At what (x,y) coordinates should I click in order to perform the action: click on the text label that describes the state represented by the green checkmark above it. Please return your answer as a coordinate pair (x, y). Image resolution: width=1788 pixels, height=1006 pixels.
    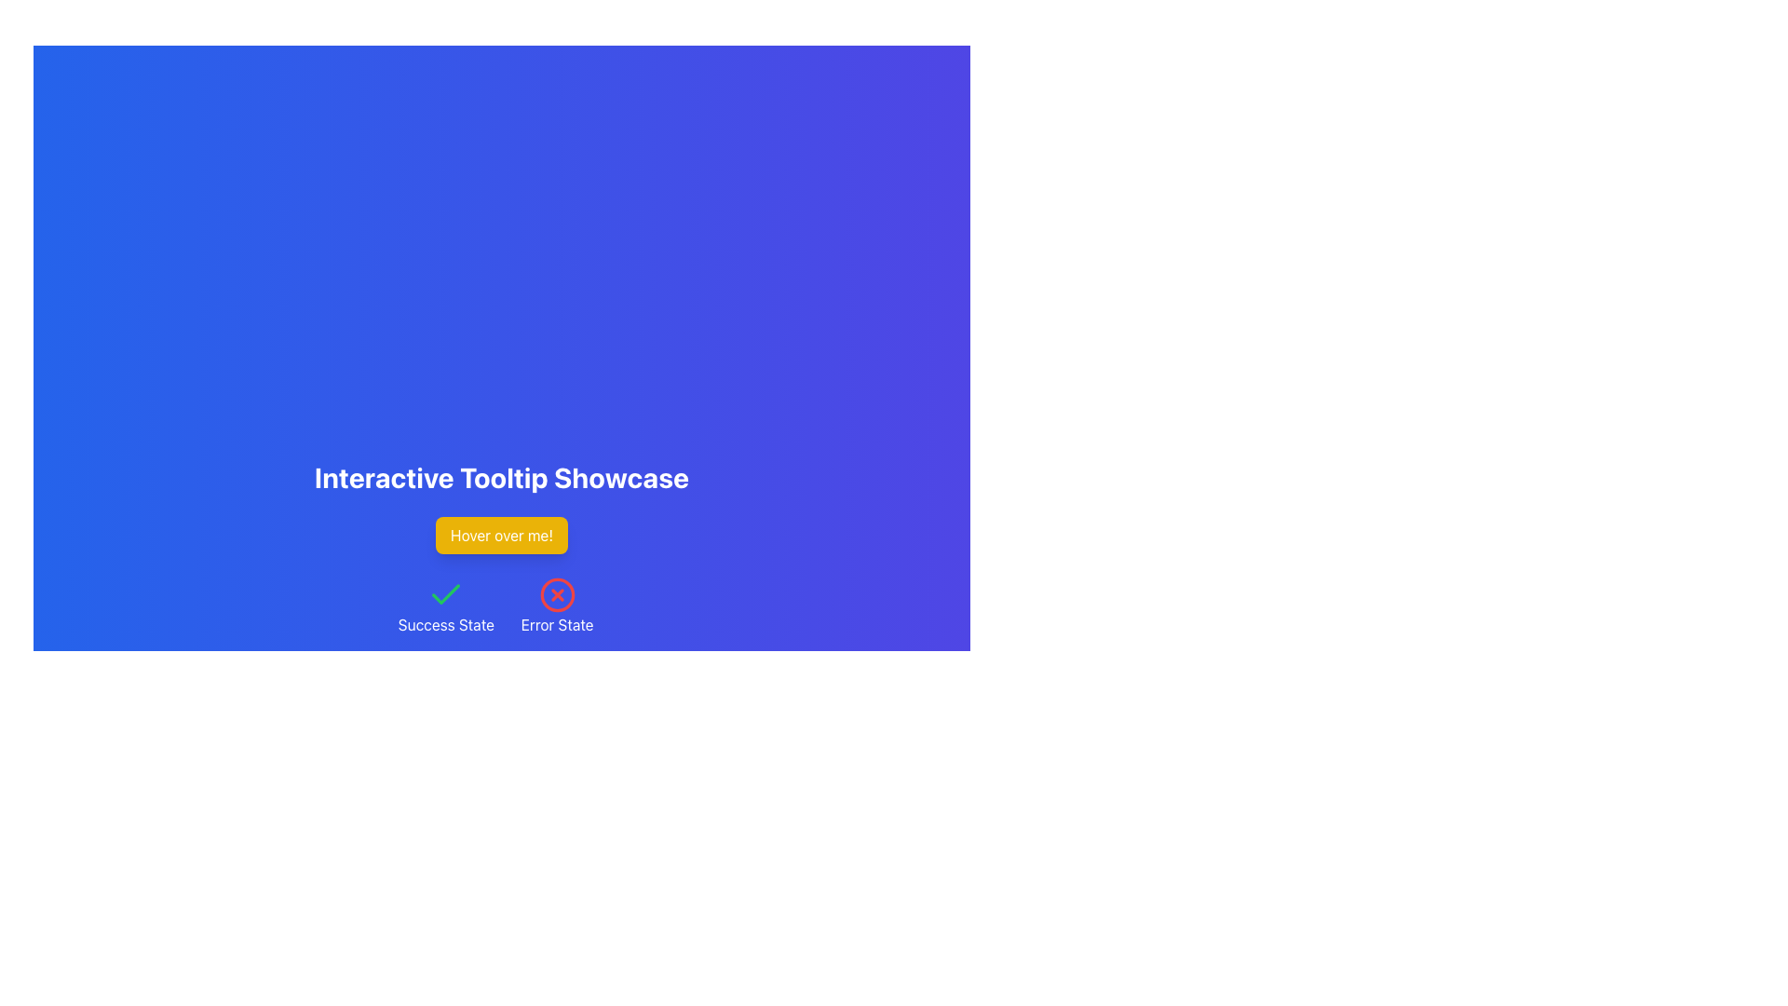
    Looking at the image, I should click on (445, 625).